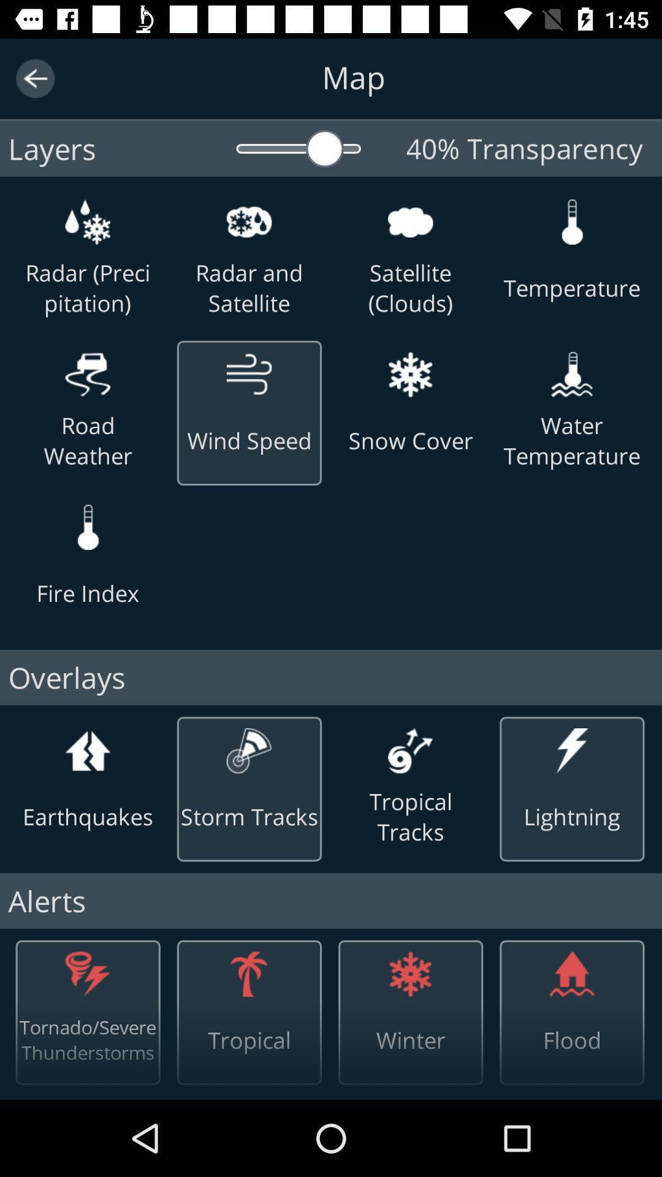 The image size is (662, 1177). I want to click on the arrow_backward icon, so click(34, 78).